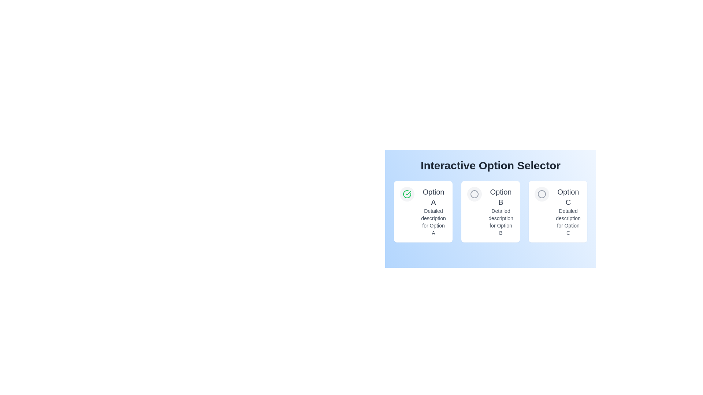 This screenshot has height=395, width=703. What do you see at coordinates (407, 194) in the screenshot?
I see `the selection indicator button for 'Option A'` at bounding box center [407, 194].